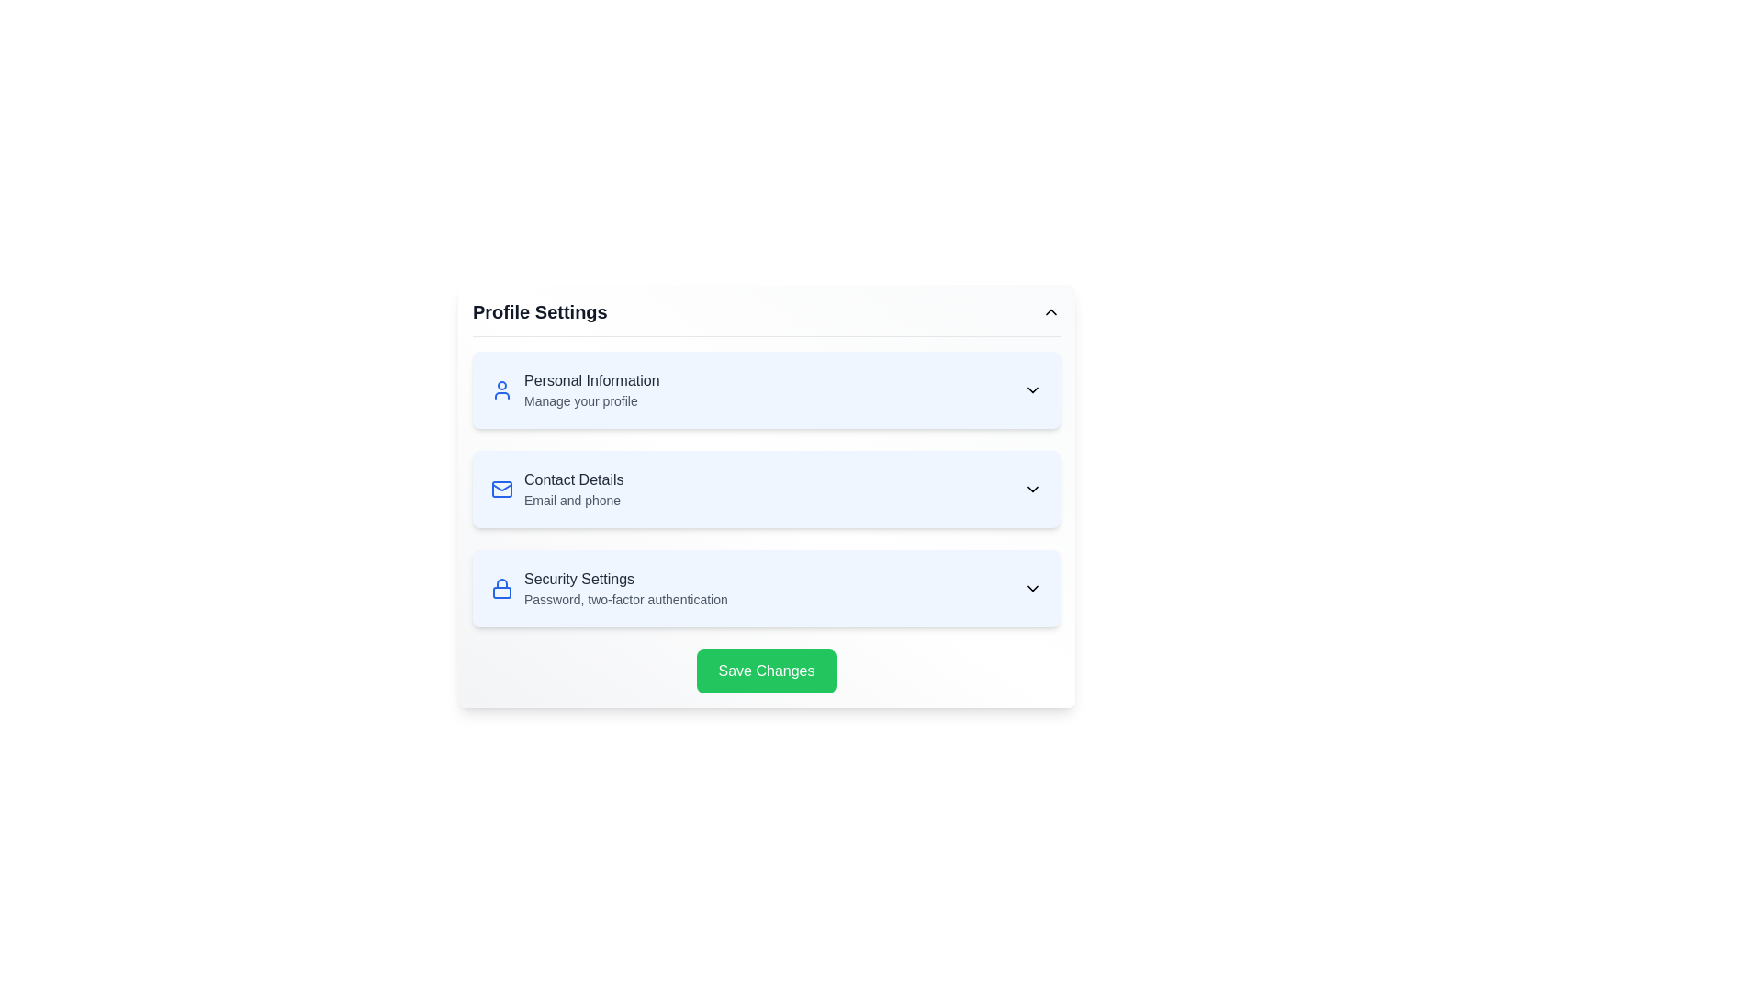 Image resolution: width=1763 pixels, height=992 pixels. I want to click on the blue outlined lock icon representing a secured state, located at the beginning of the 'Security Settings' section, to the left of the text 'Password, two-factor authentication', so click(502, 588).